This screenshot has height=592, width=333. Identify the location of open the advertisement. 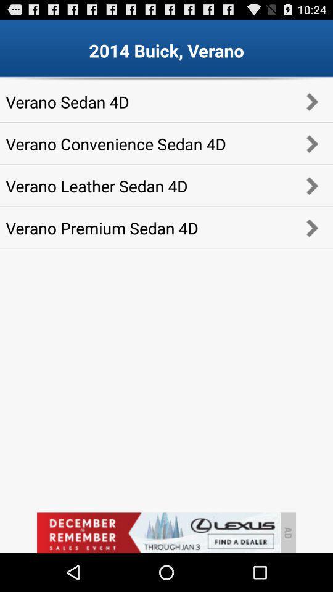
(158, 532).